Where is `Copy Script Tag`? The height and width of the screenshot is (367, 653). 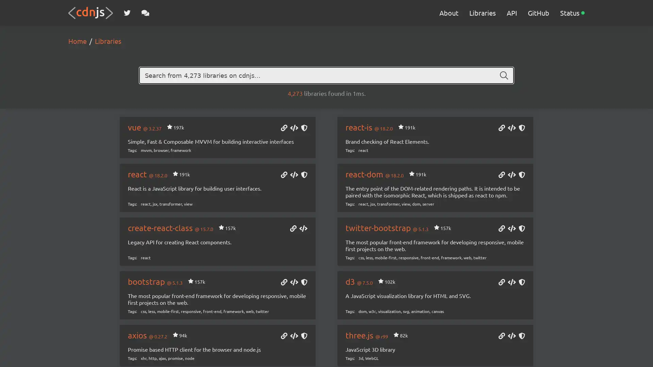 Copy Script Tag is located at coordinates (511, 128).